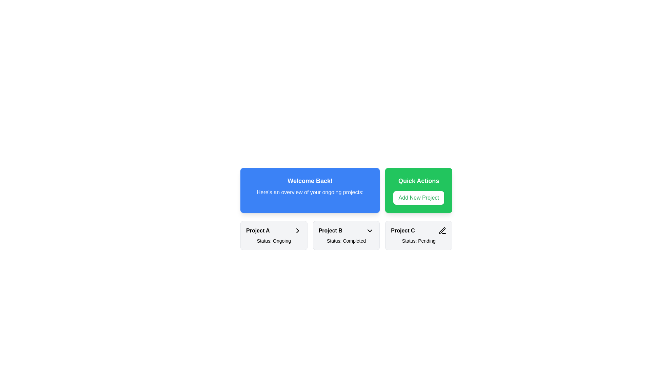  What do you see at coordinates (442, 230) in the screenshot?
I see `the graphical pen icon located in the 'Project C' card underneath the 'Status: Pending' text` at bounding box center [442, 230].